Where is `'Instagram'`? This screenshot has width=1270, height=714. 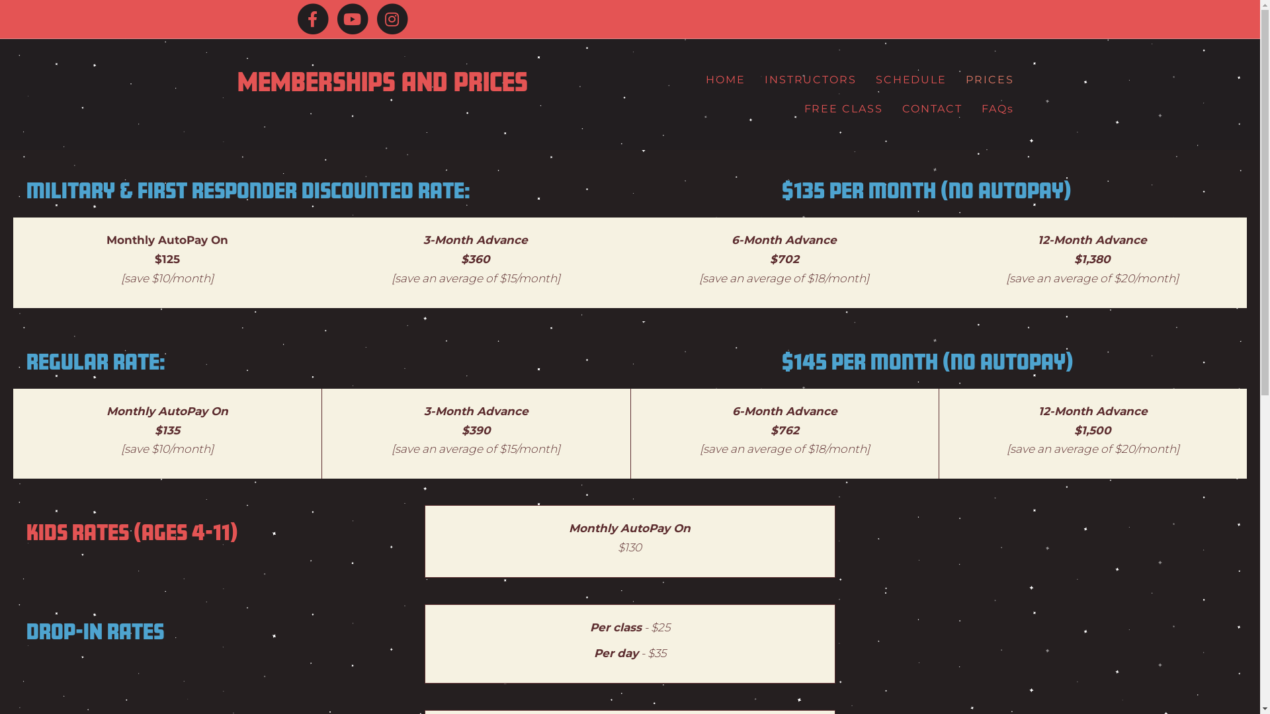
'Instagram' is located at coordinates (390, 19).